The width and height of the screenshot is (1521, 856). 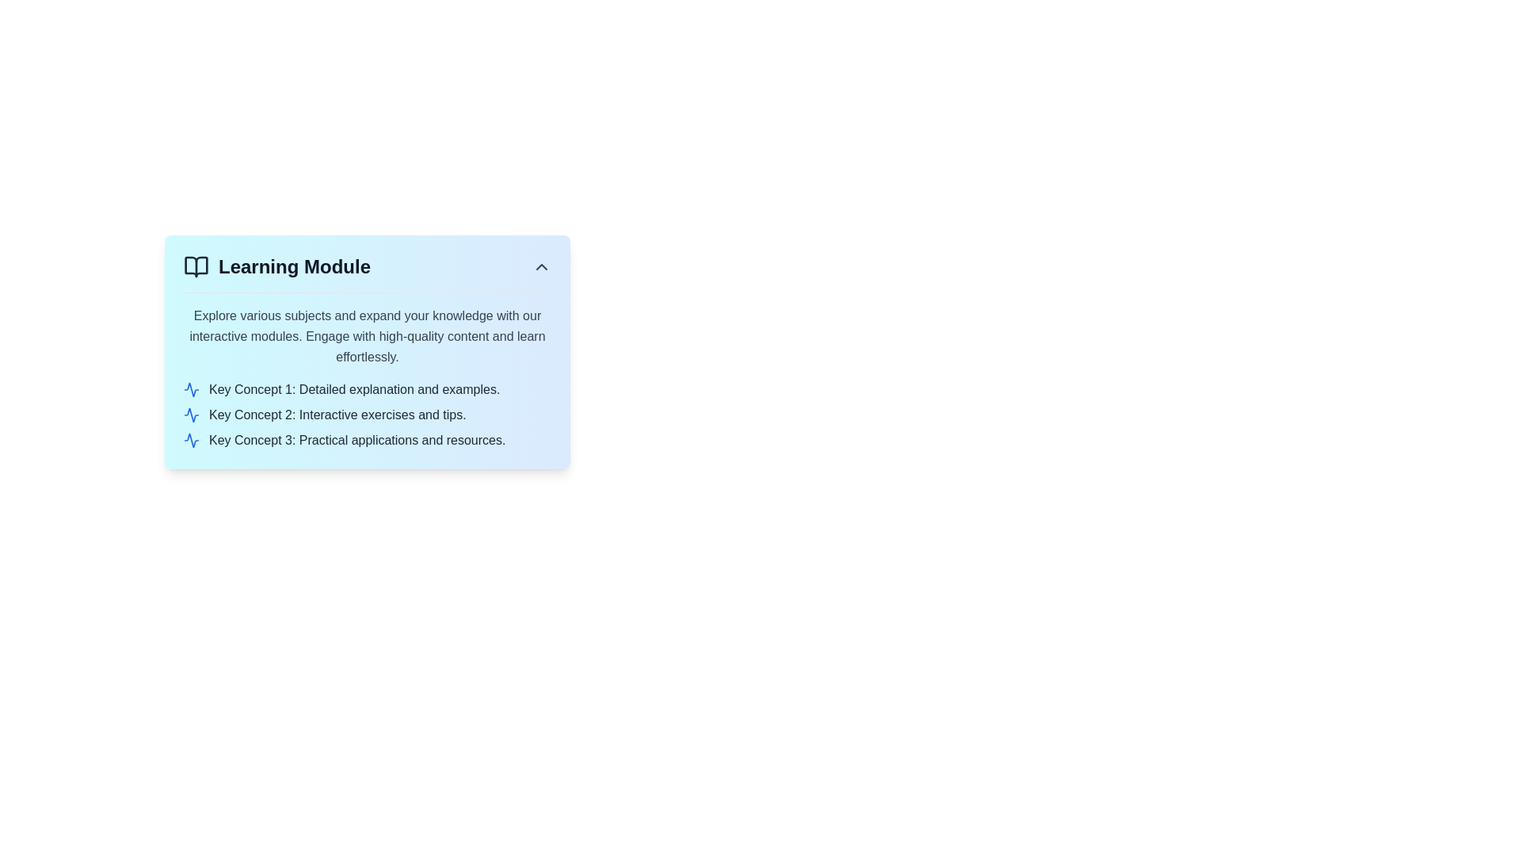 I want to click on the first icon in the vertical list under the heading 'Learning Module', which represents the first key concept, so click(x=190, y=390).